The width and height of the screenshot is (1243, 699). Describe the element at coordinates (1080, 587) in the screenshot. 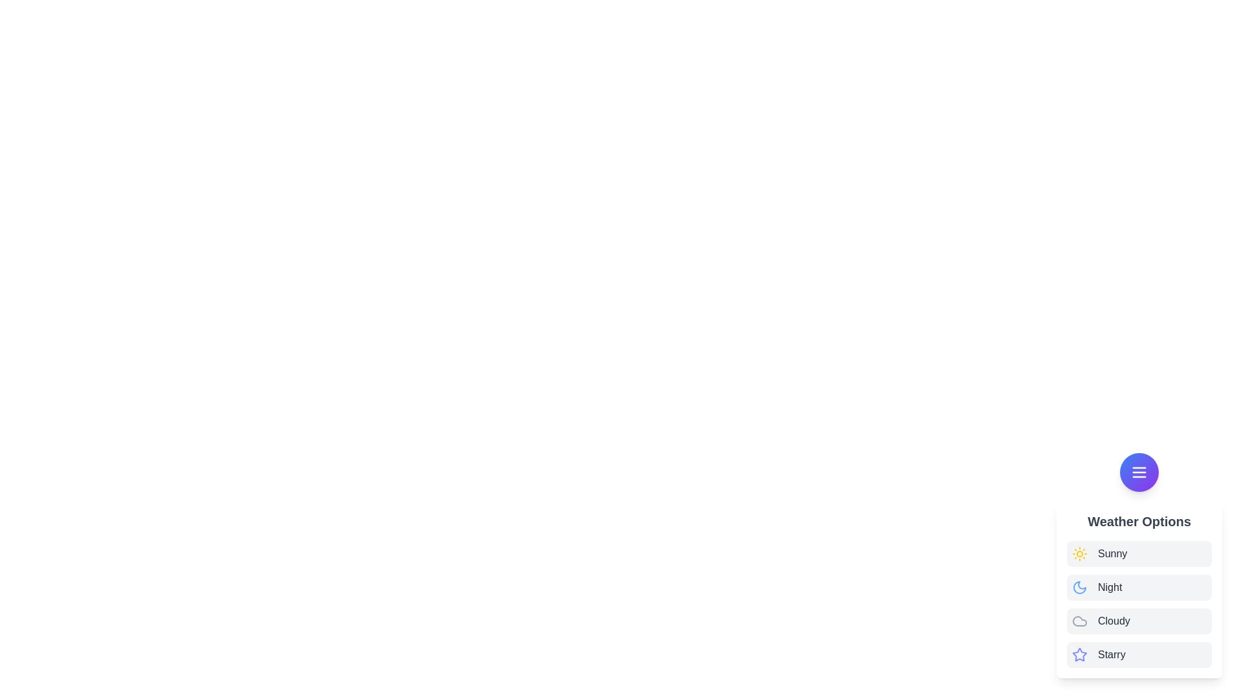

I see `the icon of the weather option Night` at that location.